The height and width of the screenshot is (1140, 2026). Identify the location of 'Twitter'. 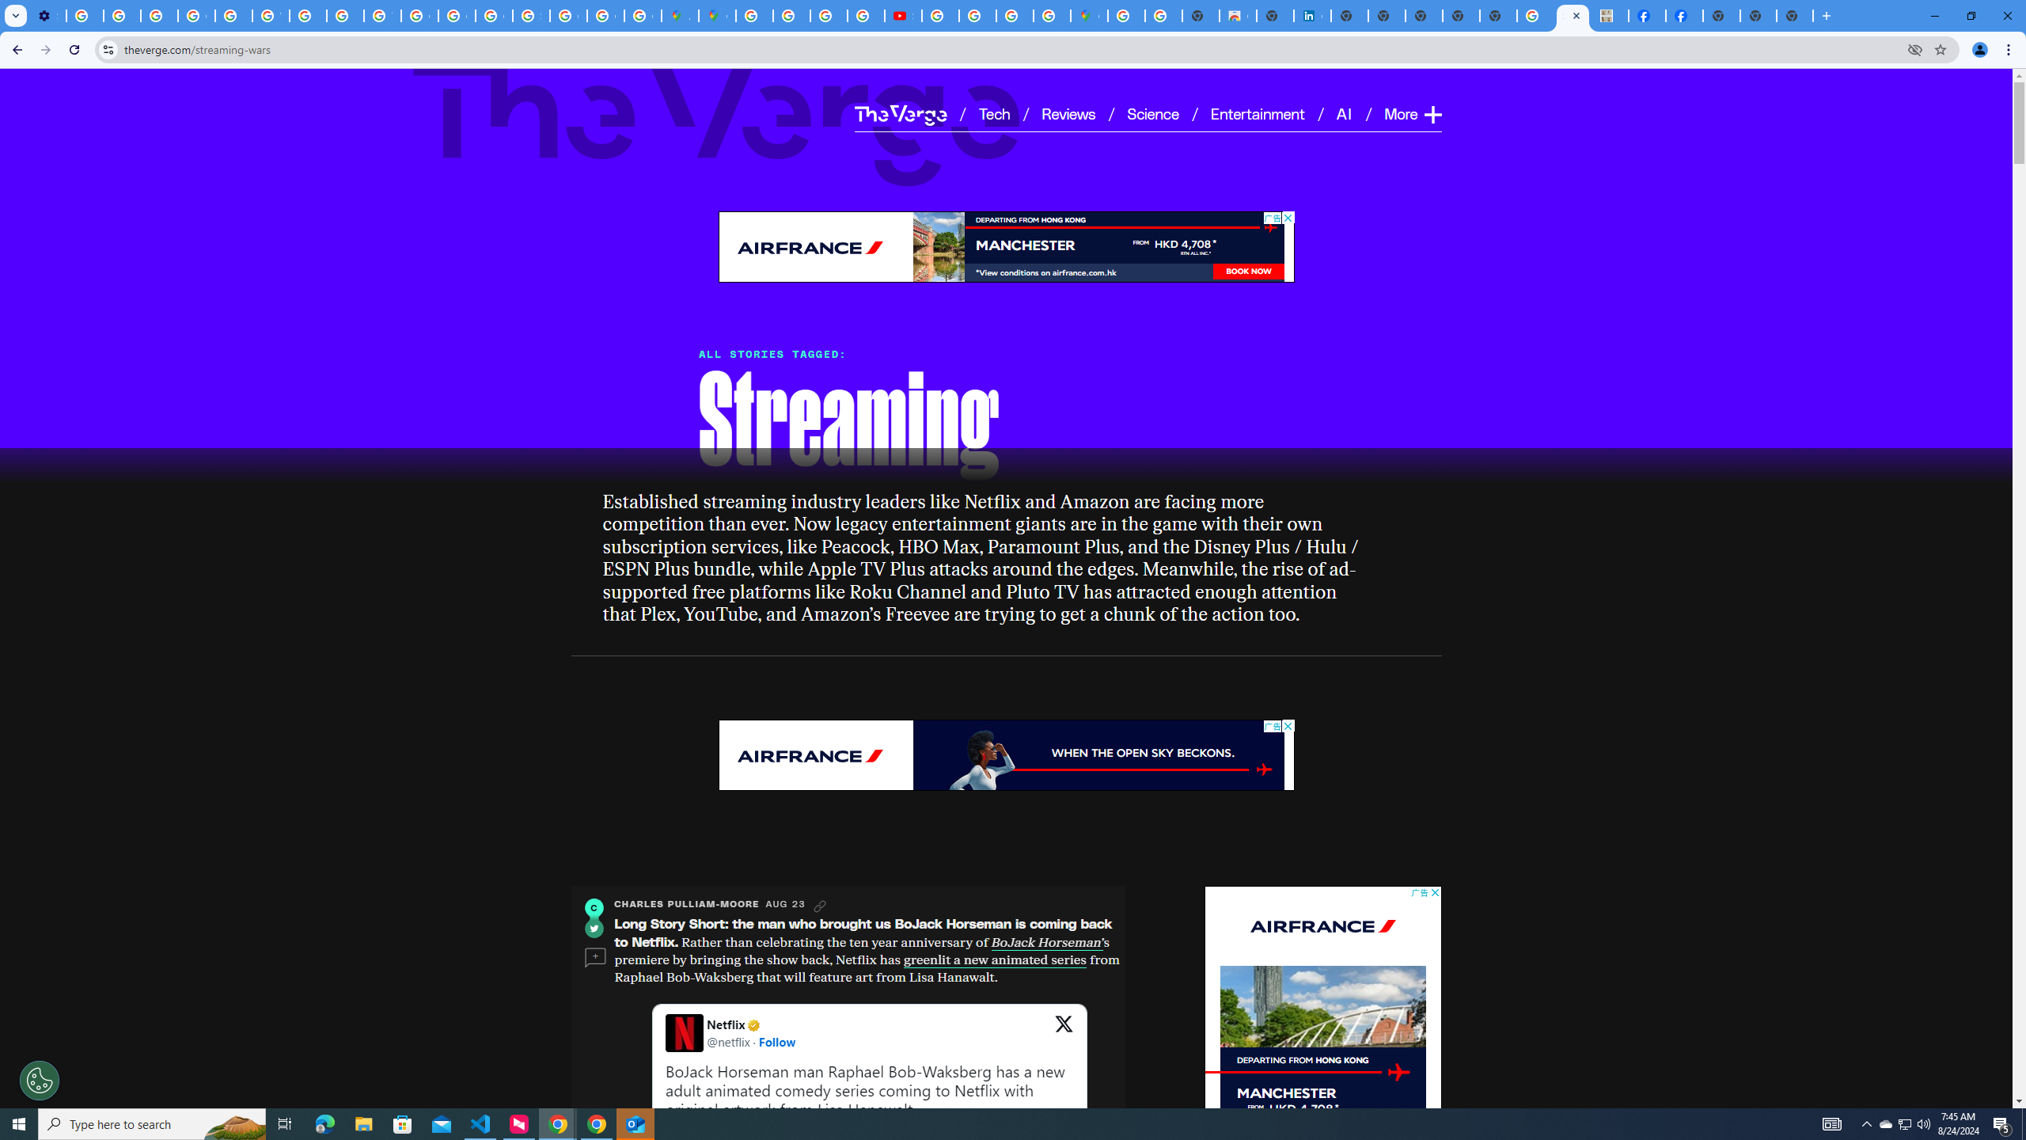
(594, 928).